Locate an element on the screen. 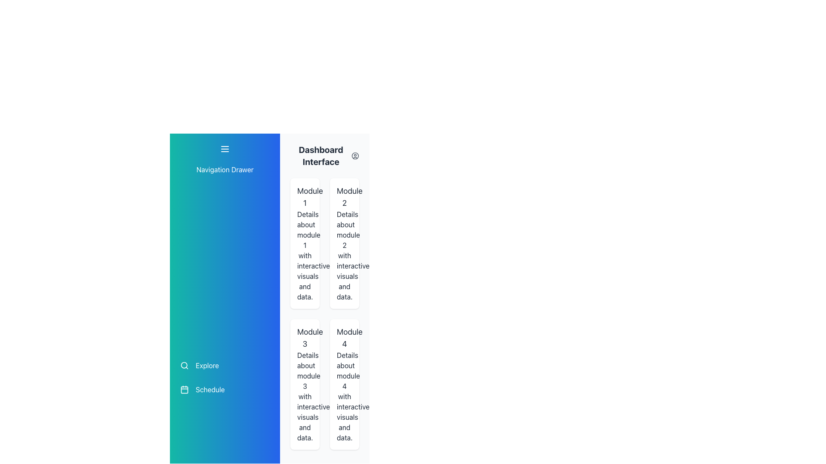  the 'Schedule' navigation button located below the 'Explore' item in the left sidebar menu is located at coordinates (225, 389).